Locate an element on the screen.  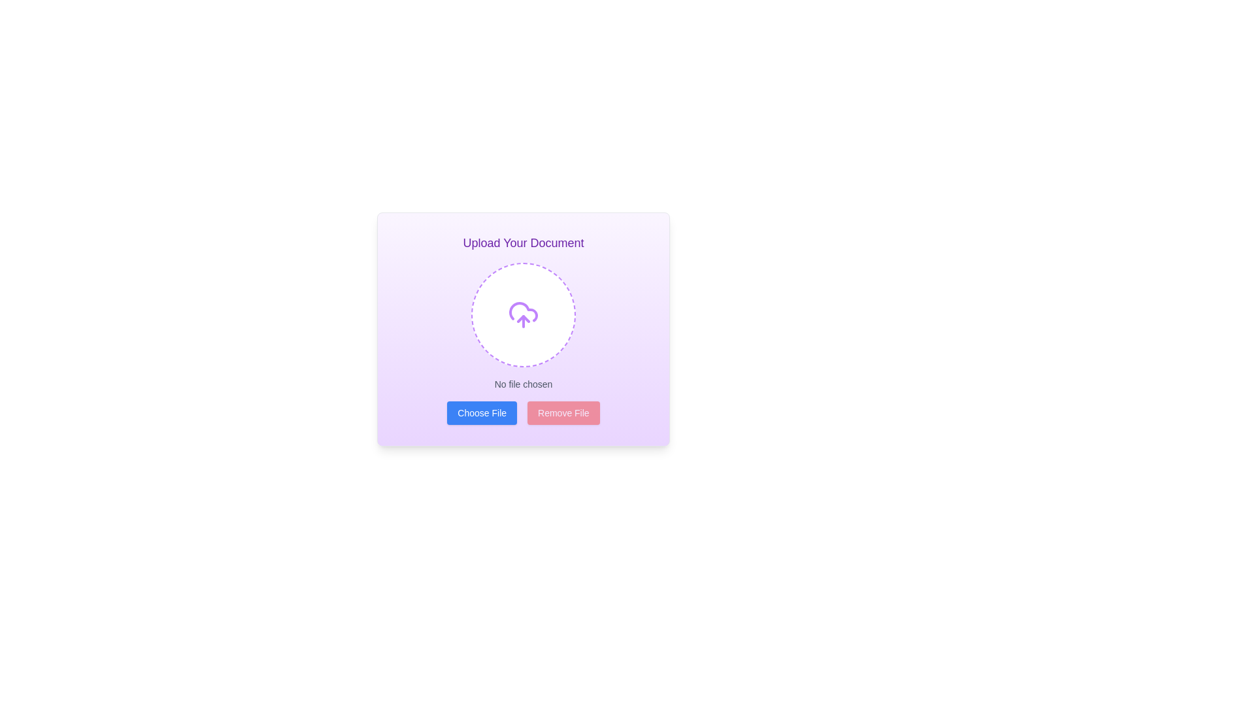
the circular Dropzone area with a dashed purple border, which contains a cloud icon with an upward arrow is located at coordinates (524, 315).